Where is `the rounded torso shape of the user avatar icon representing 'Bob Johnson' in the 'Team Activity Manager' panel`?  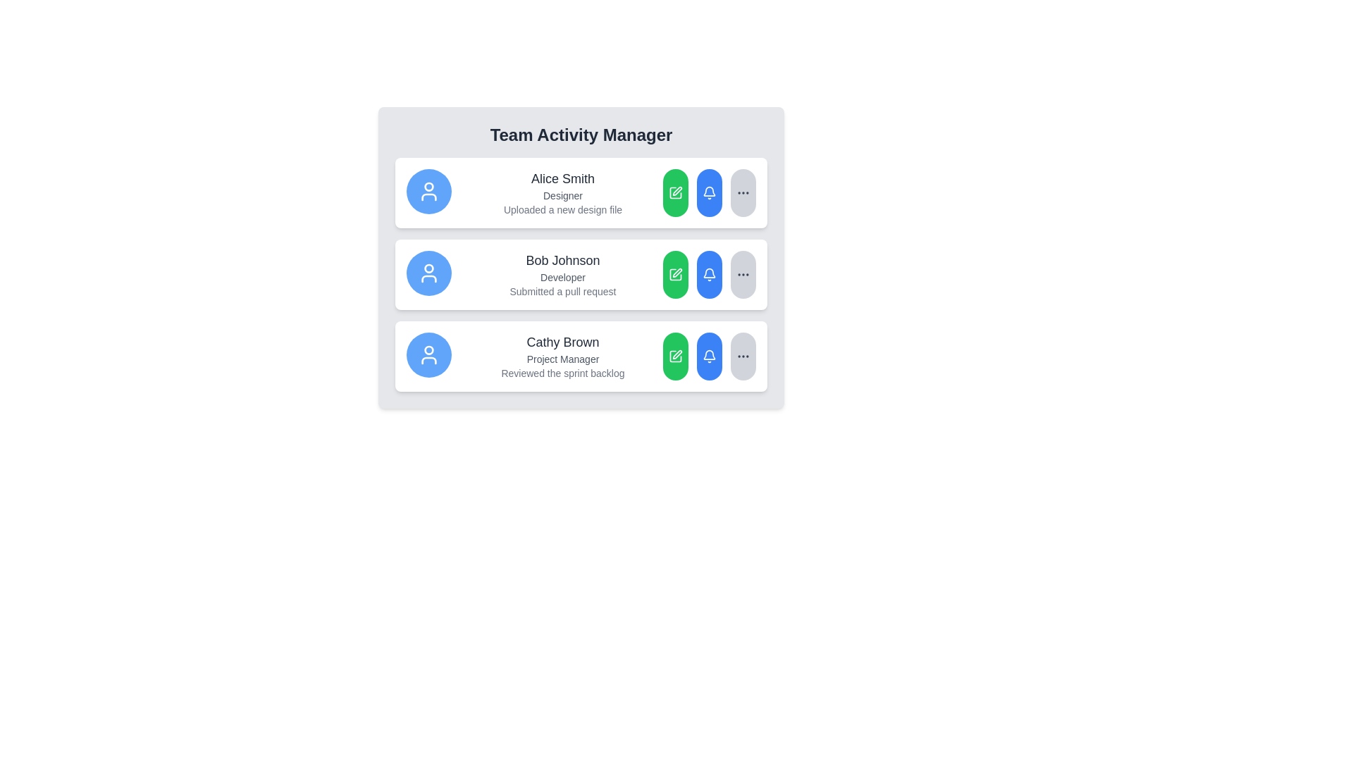
the rounded torso shape of the user avatar icon representing 'Bob Johnson' in the 'Team Activity Manager' panel is located at coordinates (428, 279).